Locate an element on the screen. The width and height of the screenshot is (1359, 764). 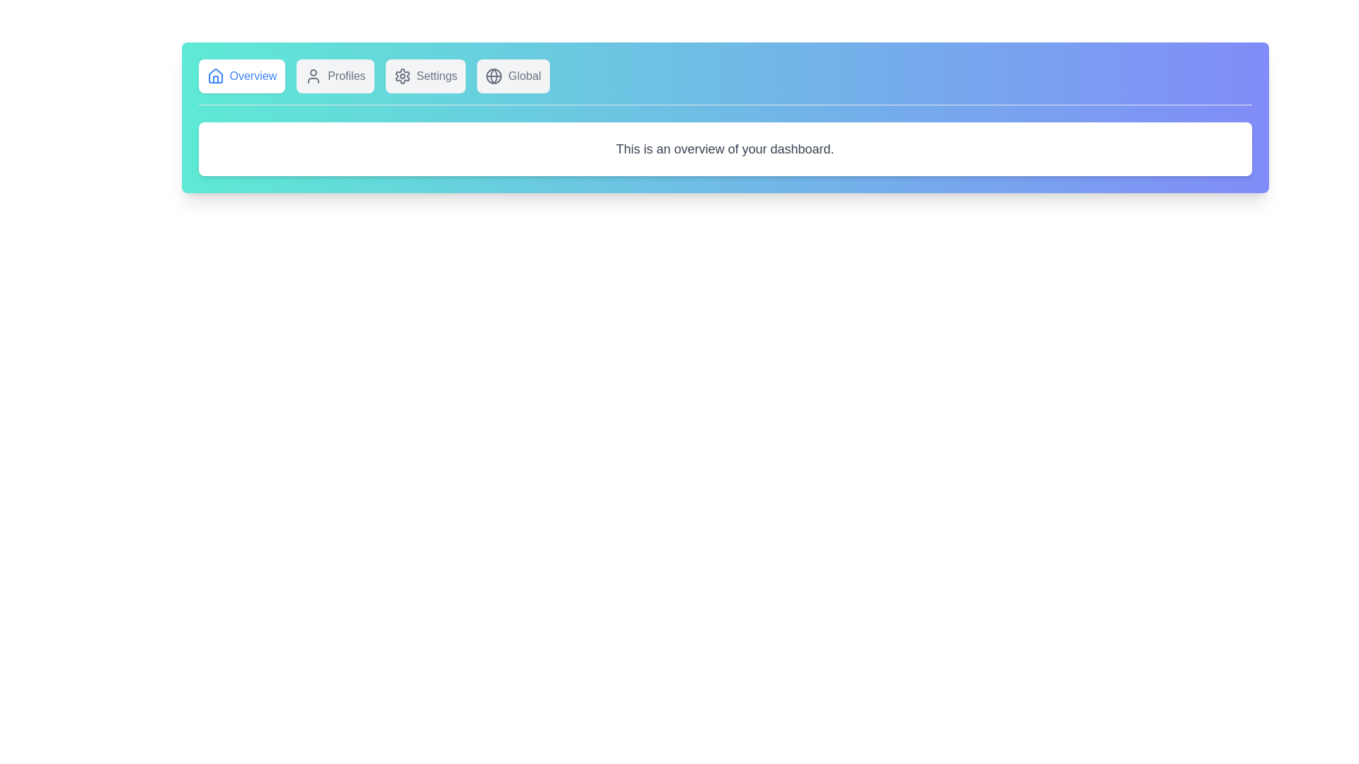
the tab labeled Profiles is located at coordinates (334, 76).